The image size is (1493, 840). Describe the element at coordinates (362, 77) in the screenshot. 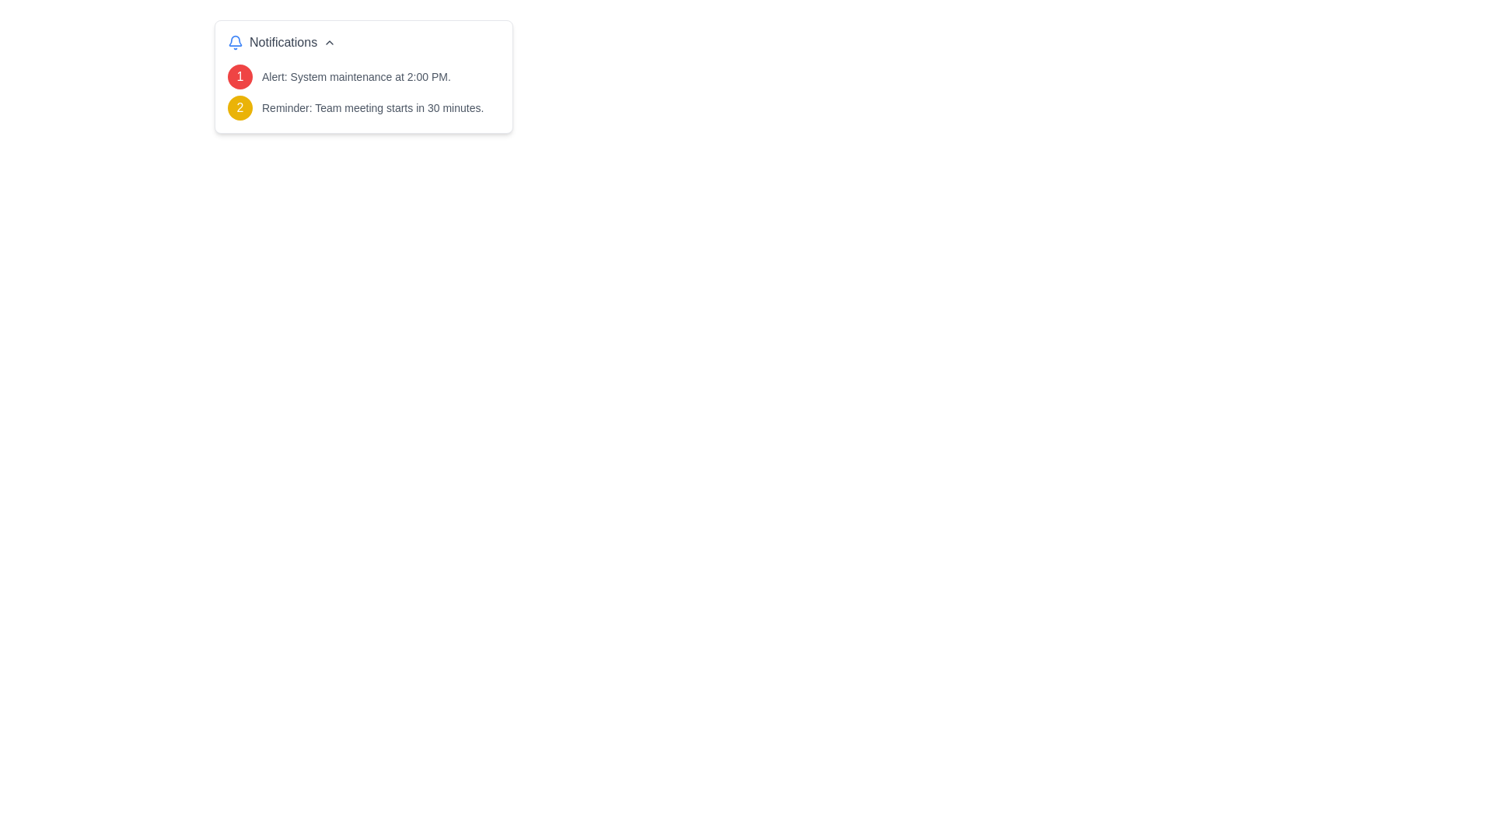

I see `the notification about the system maintenance event, which is the first item in the notification list above the team meeting reminder` at that location.